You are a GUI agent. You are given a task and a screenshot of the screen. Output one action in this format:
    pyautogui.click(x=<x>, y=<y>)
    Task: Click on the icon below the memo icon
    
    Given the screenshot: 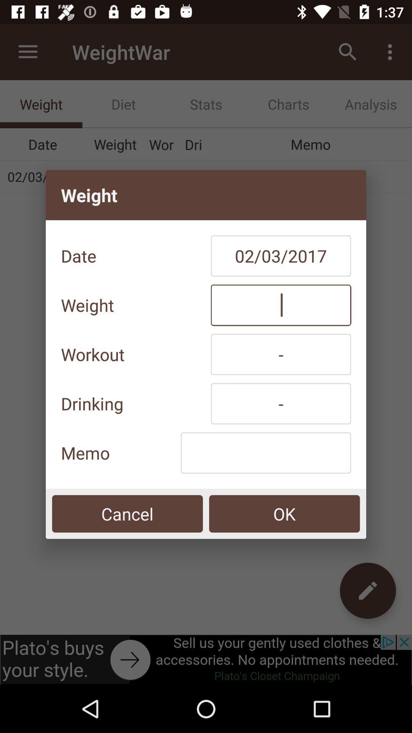 What is the action you would take?
    pyautogui.click(x=127, y=513)
    